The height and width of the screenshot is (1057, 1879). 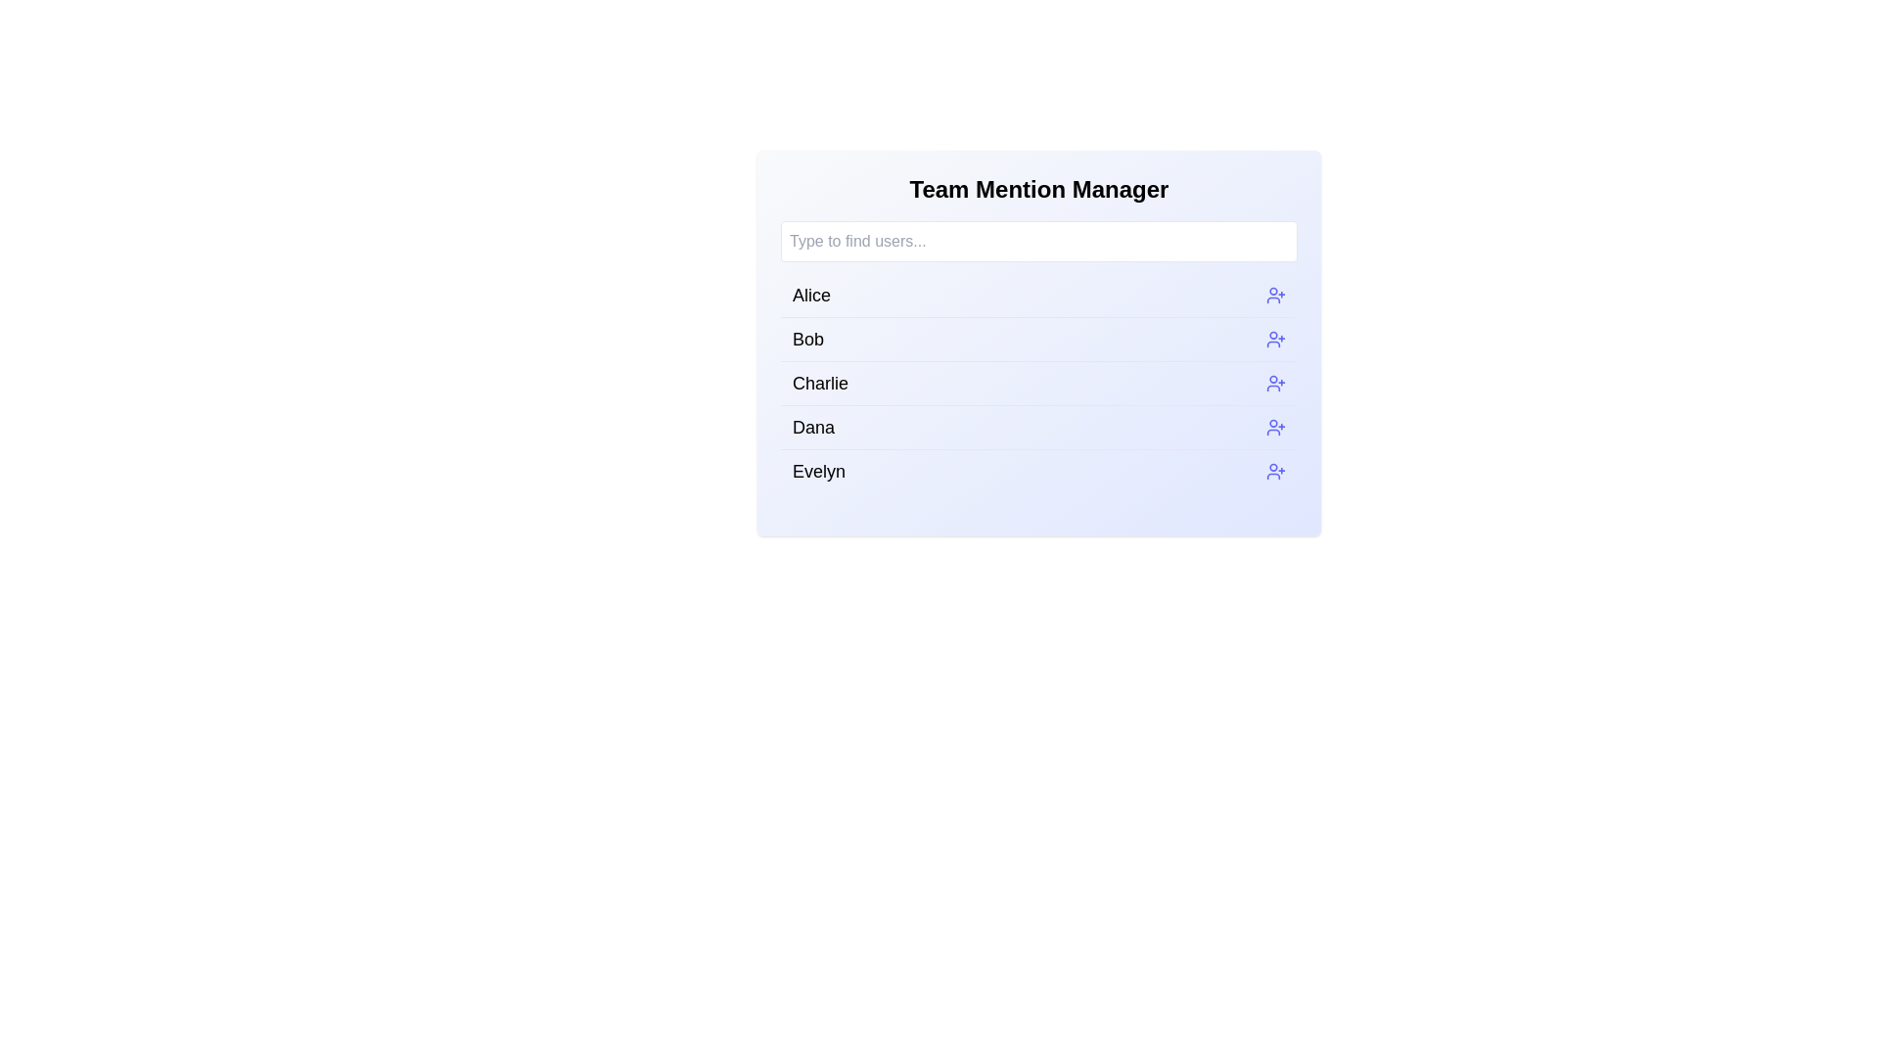 What do you see at coordinates (1276, 472) in the screenshot?
I see `the blue icon at the far right of the row labeled 'Evelyn'` at bounding box center [1276, 472].